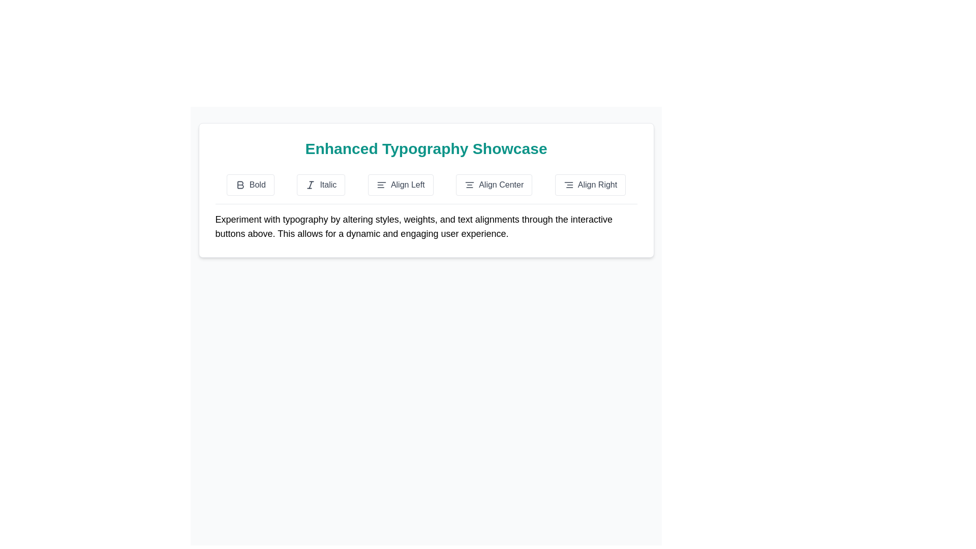 The image size is (976, 549). I want to click on the SVG icon shaped as a bold letter 'B', so click(239, 185).